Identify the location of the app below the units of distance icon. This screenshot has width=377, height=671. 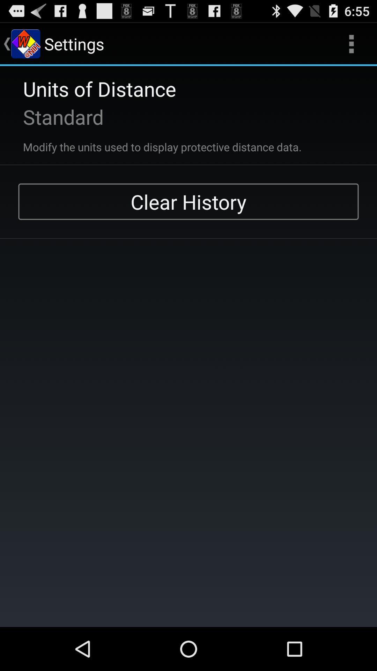
(54, 117).